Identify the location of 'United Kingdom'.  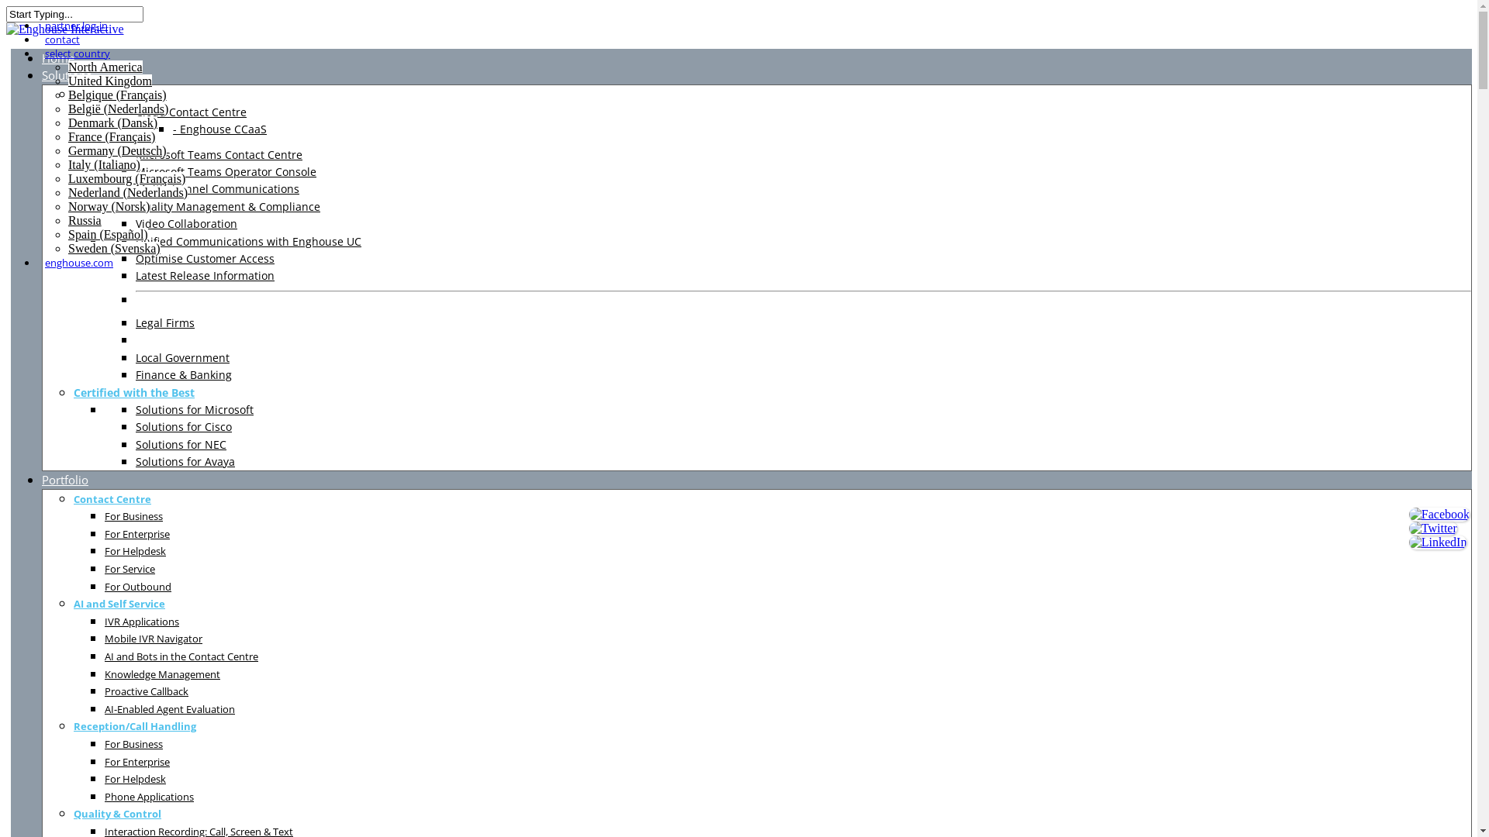
(67, 81).